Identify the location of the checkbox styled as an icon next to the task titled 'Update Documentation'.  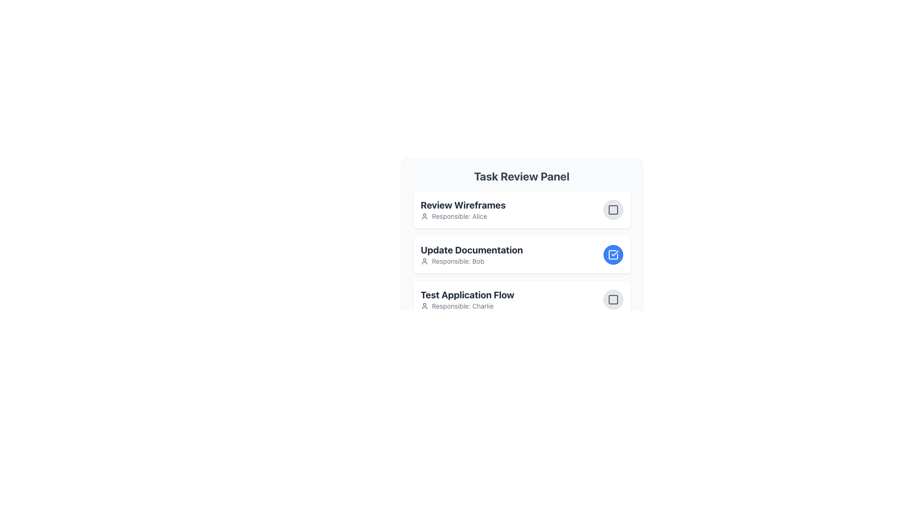
(613, 254).